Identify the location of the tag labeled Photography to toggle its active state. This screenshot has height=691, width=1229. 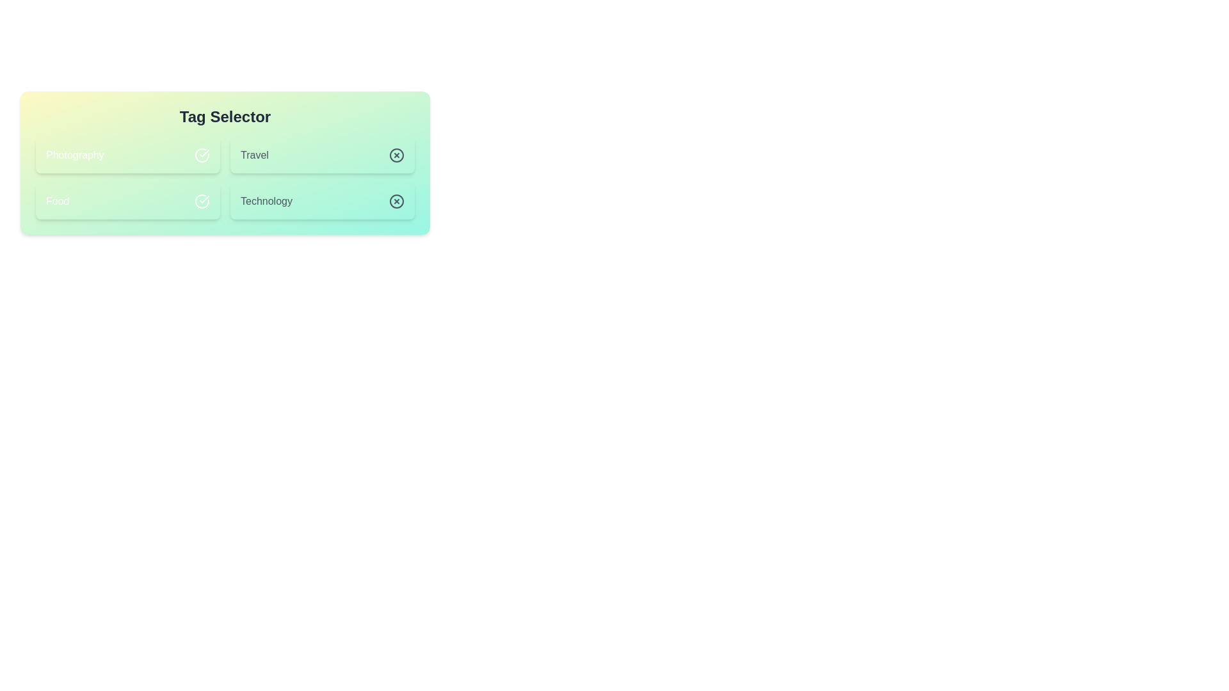
(128, 155).